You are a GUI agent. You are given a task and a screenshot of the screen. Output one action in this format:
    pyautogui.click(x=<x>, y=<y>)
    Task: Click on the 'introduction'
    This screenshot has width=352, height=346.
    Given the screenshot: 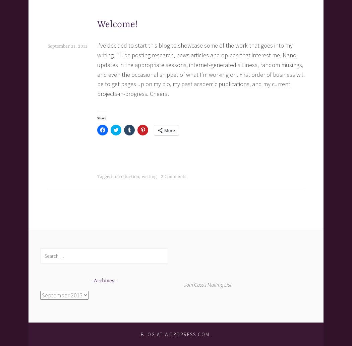 What is the action you would take?
    pyautogui.click(x=126, y=176)
    